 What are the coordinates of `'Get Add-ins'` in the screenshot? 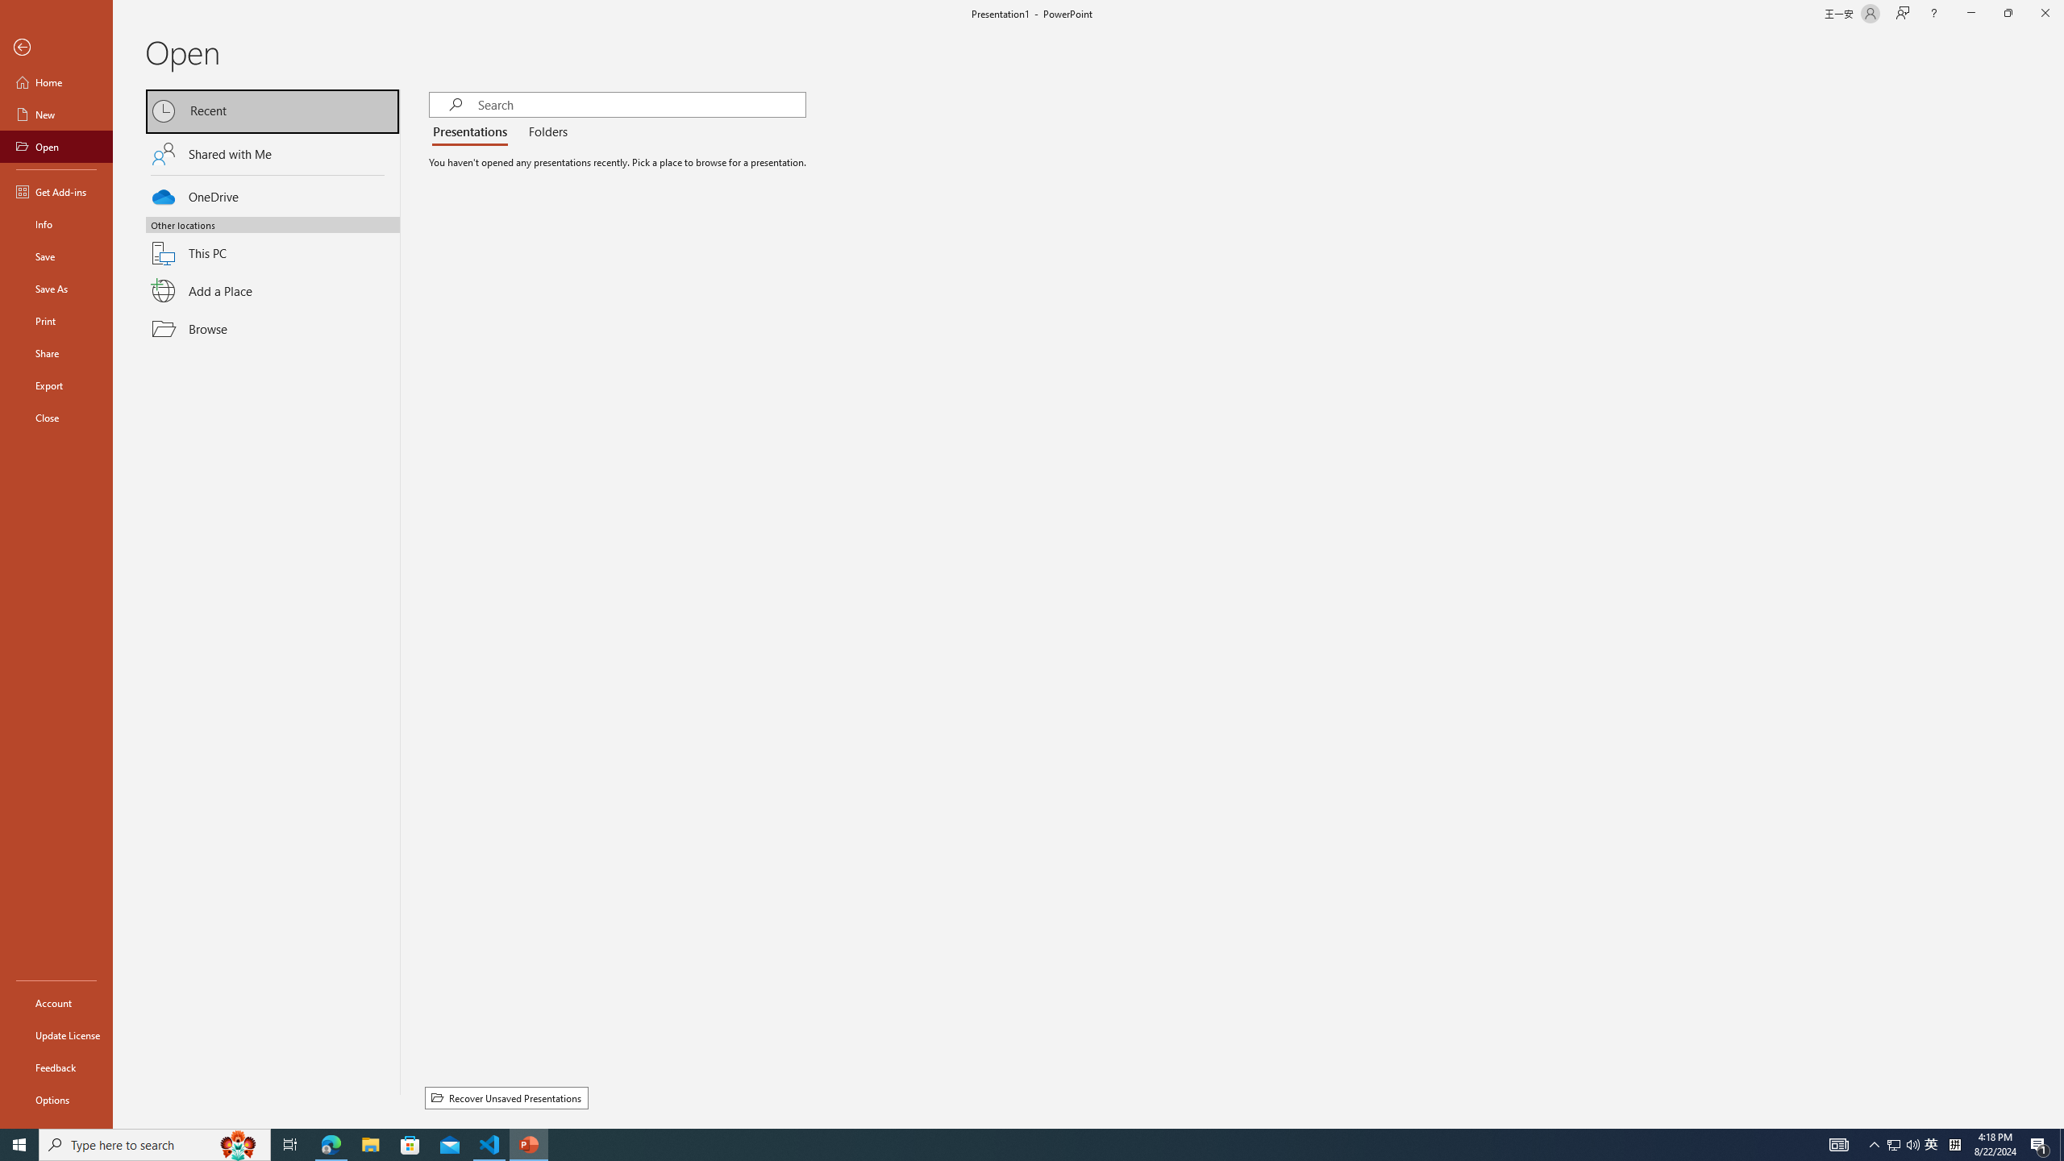 It's located at (56, 191).